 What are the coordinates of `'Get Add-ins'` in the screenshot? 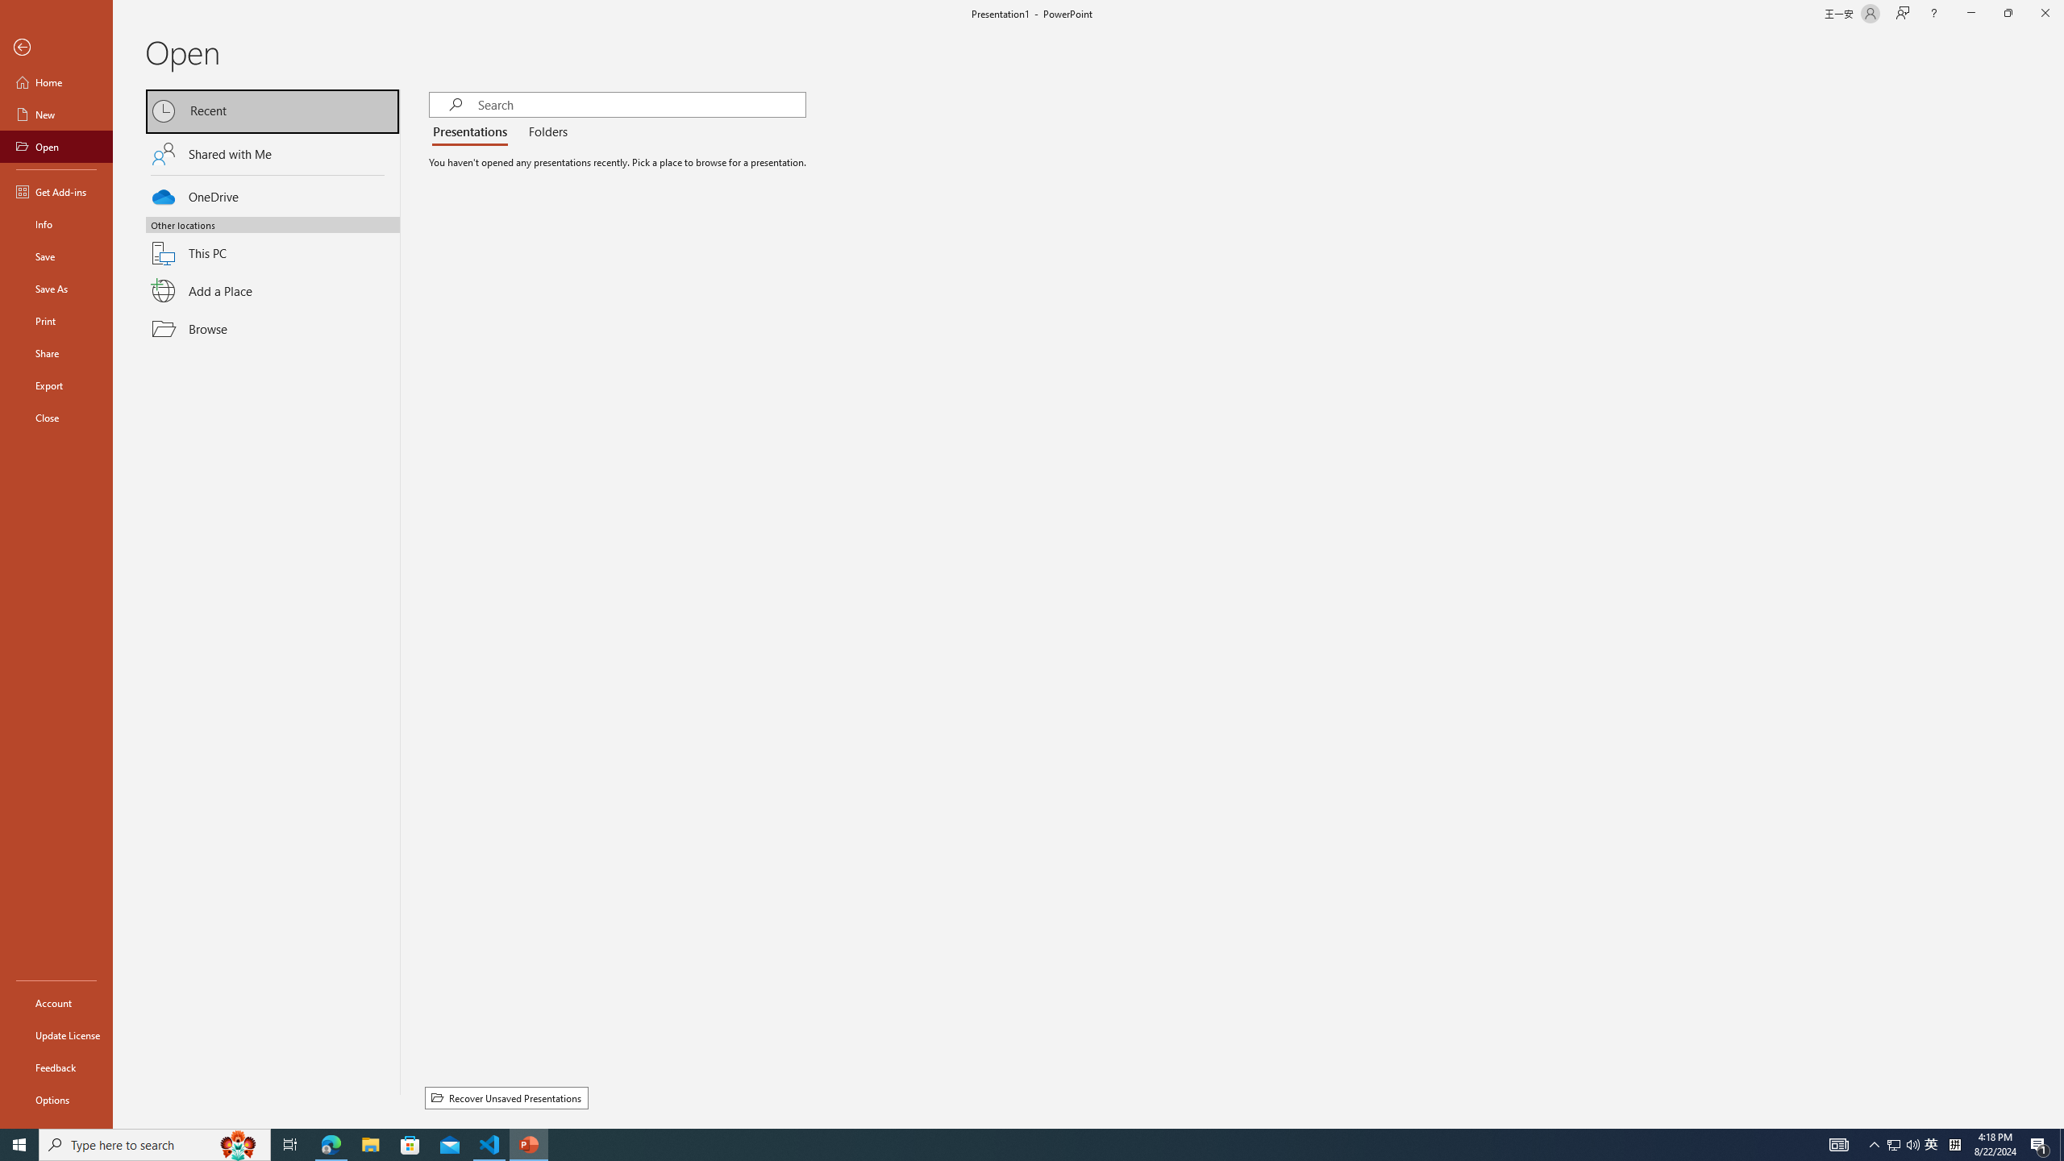 It's located at (56, 191).